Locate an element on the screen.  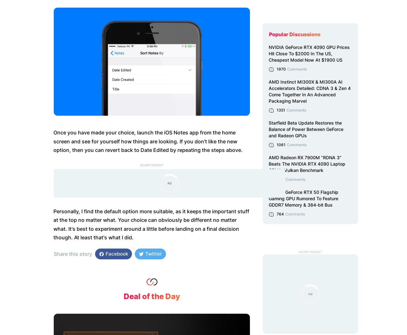
'764' is located at coordinates (280, 214).